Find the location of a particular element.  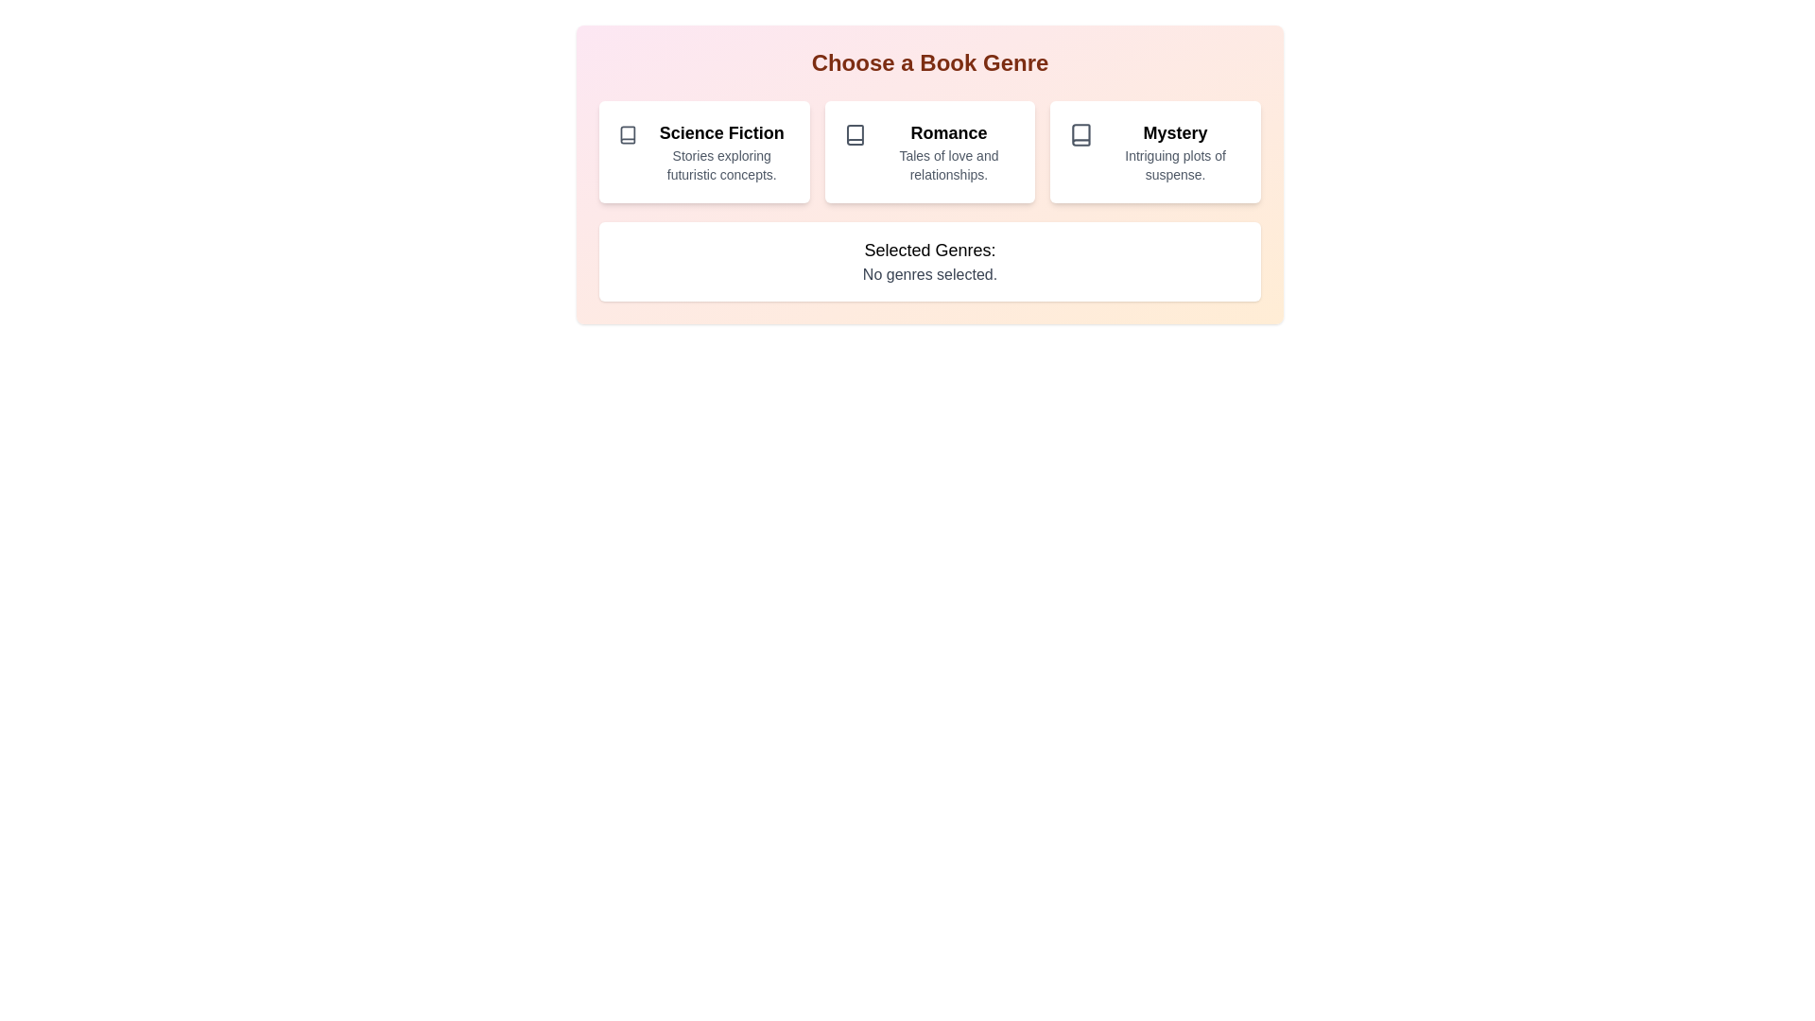

the graphical icon representing the 'Romance' genre option located in the middle of the horizontal row of genre options under 'Choose a Book Genre' is located at coordinates (854, 133).